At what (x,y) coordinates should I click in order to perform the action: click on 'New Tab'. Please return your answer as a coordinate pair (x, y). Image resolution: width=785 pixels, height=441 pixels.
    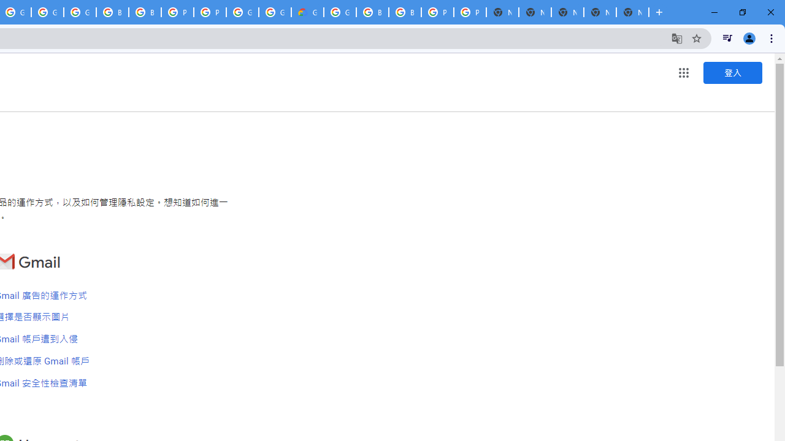
    Looking at the image, I should click on (632, 12).